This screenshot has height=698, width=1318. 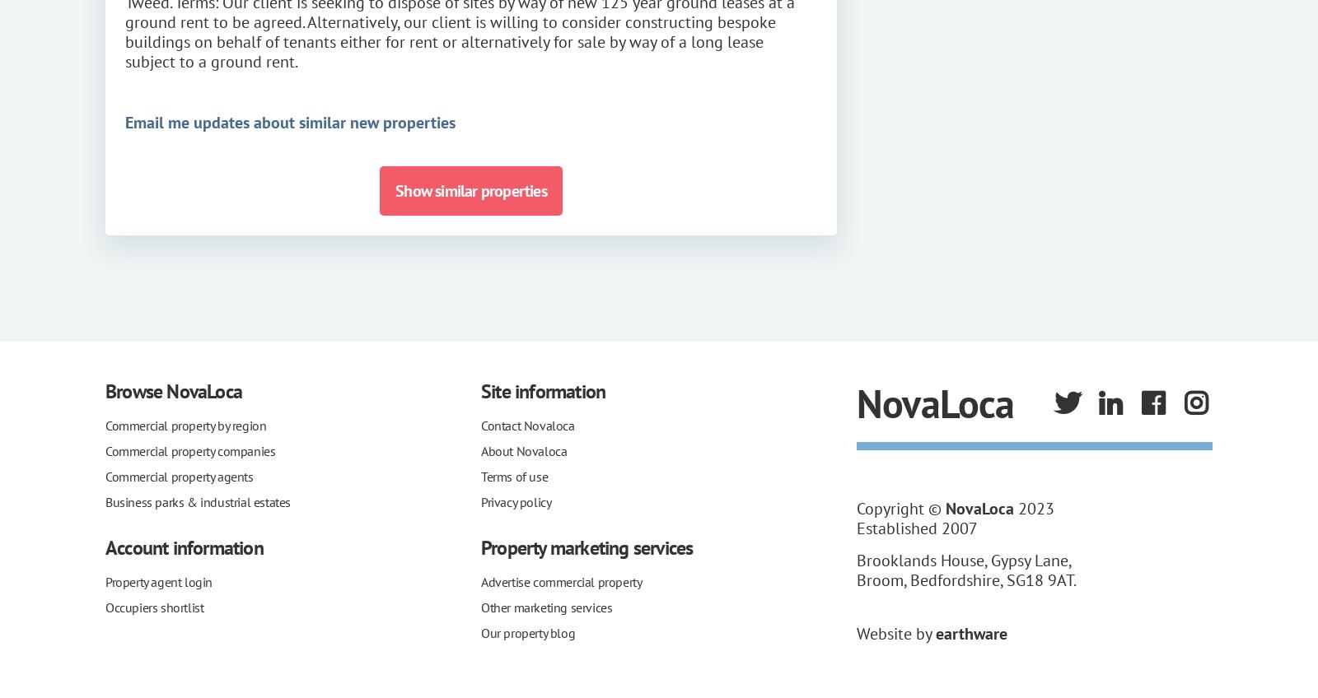 What do you see at coordinates (587, 546) in the screenshot?
I see `'Property marketing services'` at bounding box center [587, 546].